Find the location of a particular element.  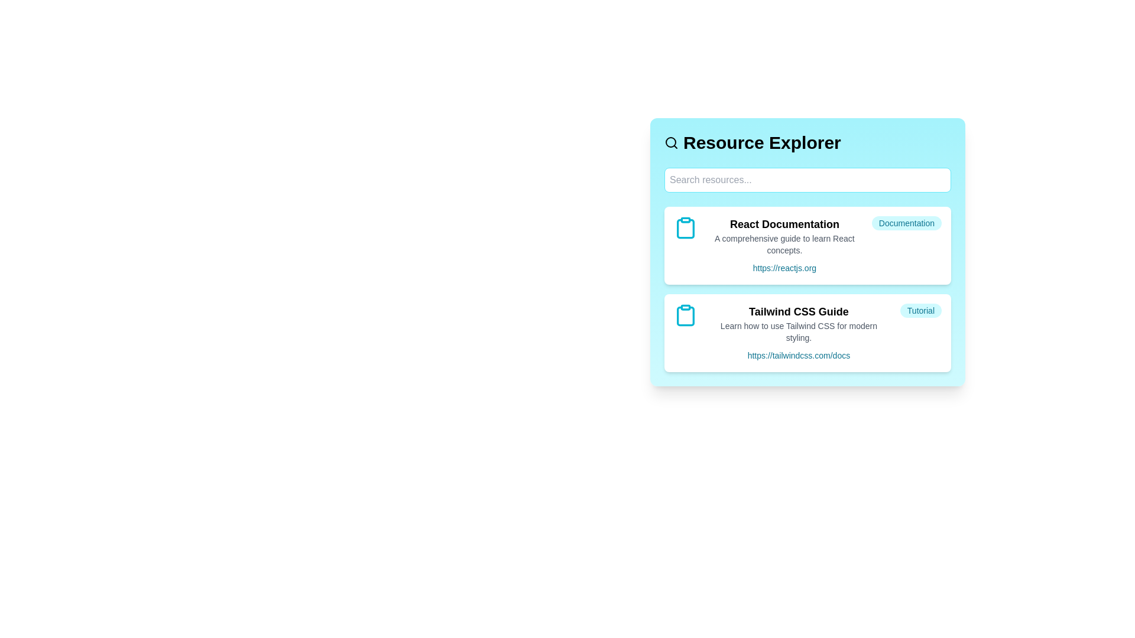

the resource card for React Documentation is located at coordinates (807, 245).